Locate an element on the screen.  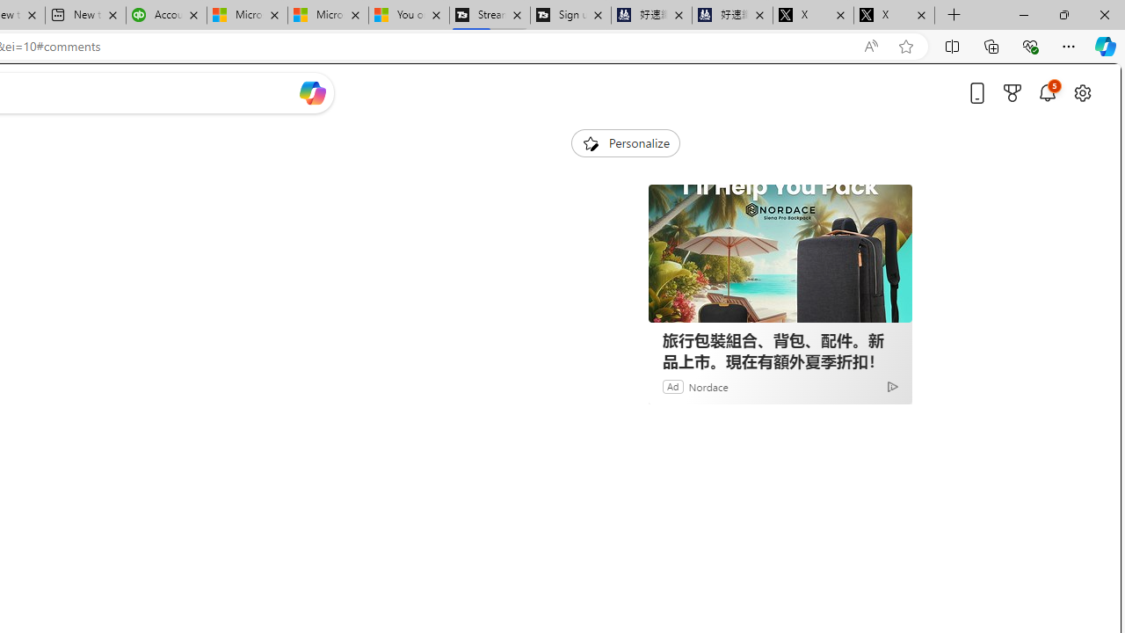
'Open Copilot' is located at coordinates (312, 92).